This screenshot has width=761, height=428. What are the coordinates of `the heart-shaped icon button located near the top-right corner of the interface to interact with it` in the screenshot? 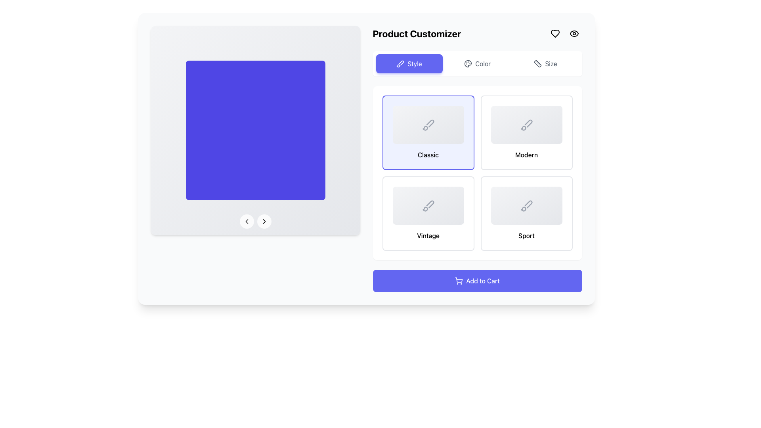 It's located at (554, 33).